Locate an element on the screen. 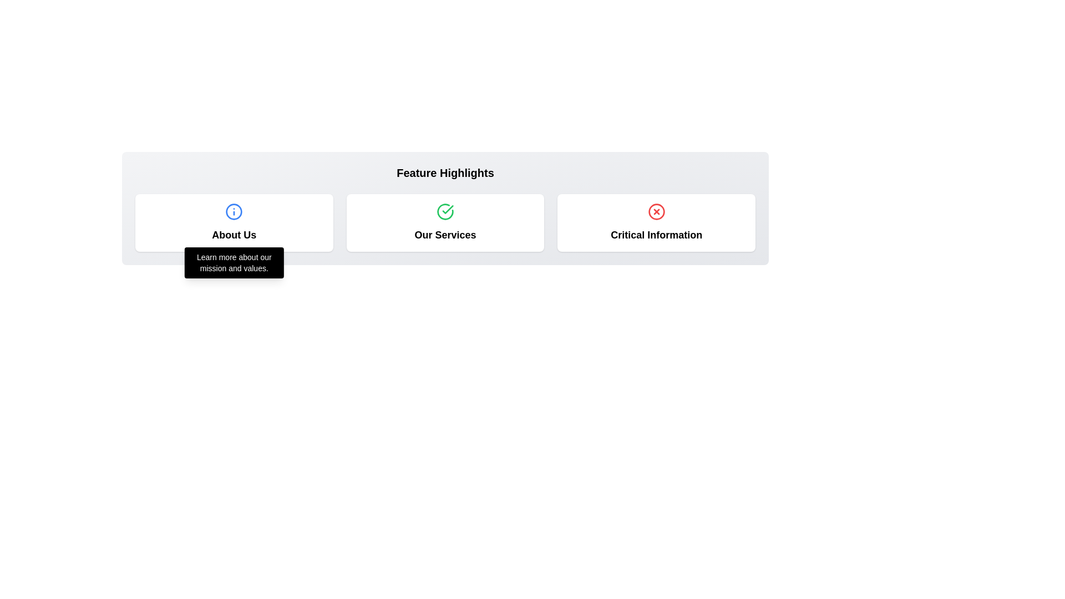 The image size is (1065, 599). the tooltip that provides additional information about the 'About Us' section, positioned directly under it is located at coordinates (234, 263).